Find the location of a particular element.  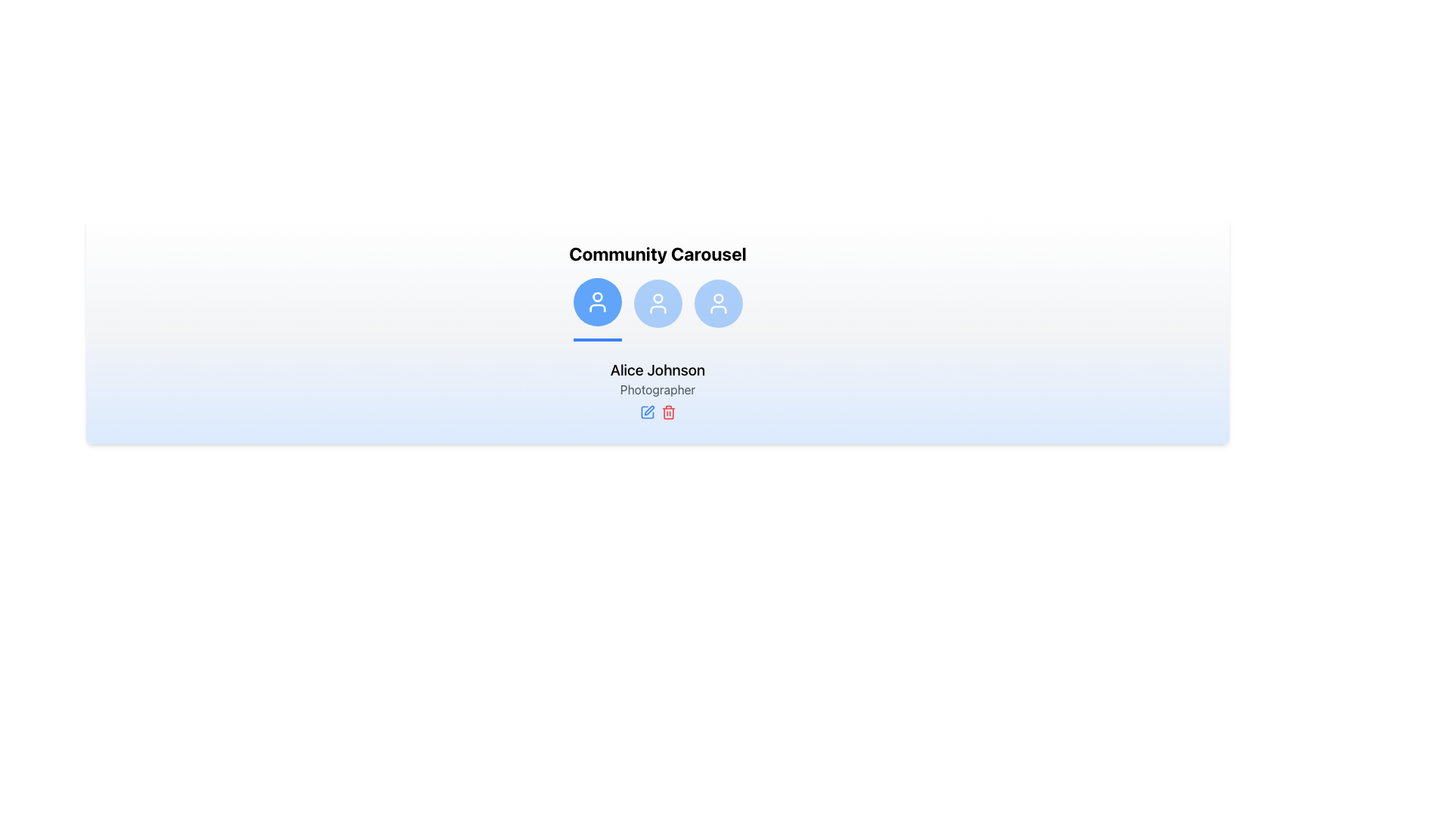

the user's head SVG shape within the middle user profile icon in the Community Carousel section is located at coordinates (657, 298).